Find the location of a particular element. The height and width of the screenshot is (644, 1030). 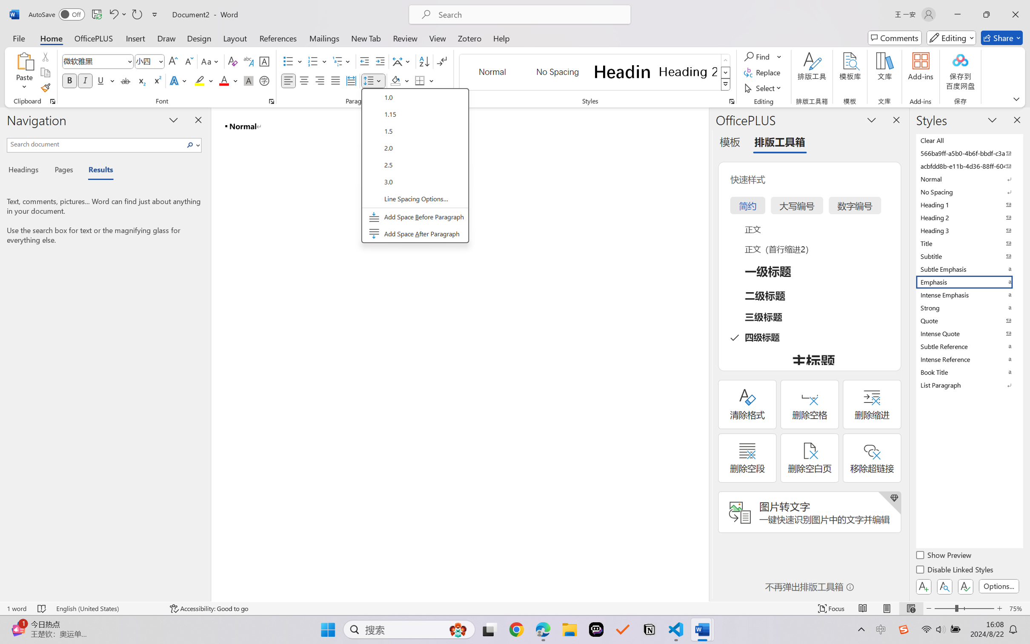

'Undo Style' is located at coordinates (113, 14).